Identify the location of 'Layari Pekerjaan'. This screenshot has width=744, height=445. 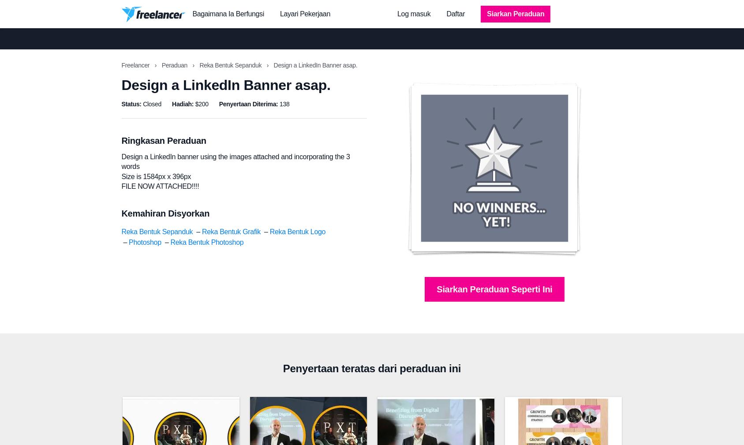
(304, 13).